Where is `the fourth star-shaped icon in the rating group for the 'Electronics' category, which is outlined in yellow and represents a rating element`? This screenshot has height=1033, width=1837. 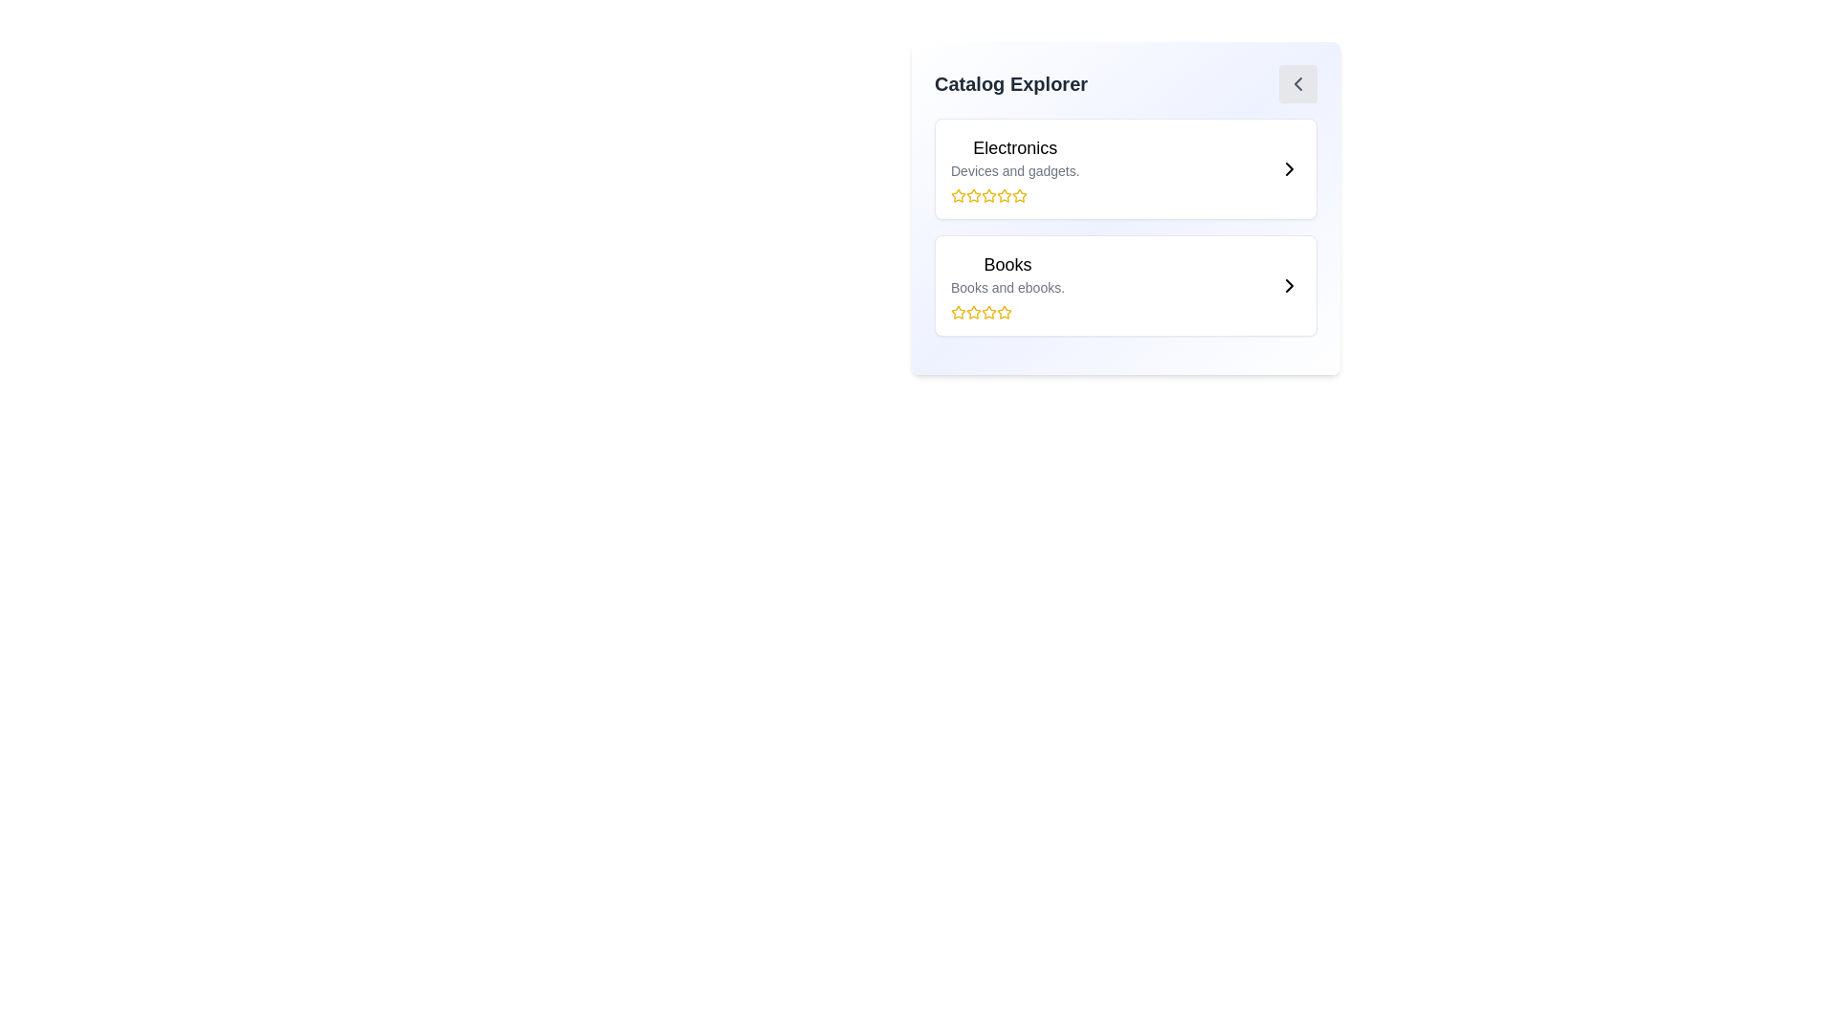
the fourth star-shaped icon in the rating group for the 'Electronics' category, which is outlined in yellow and represents a rating element is located at coordinates (988, 195).